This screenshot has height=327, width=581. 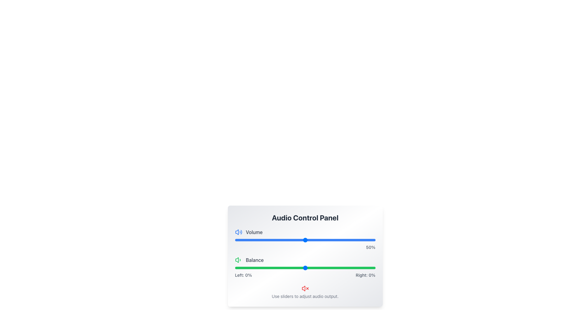 I want to click on the slider value, so click(x=331, y=240).